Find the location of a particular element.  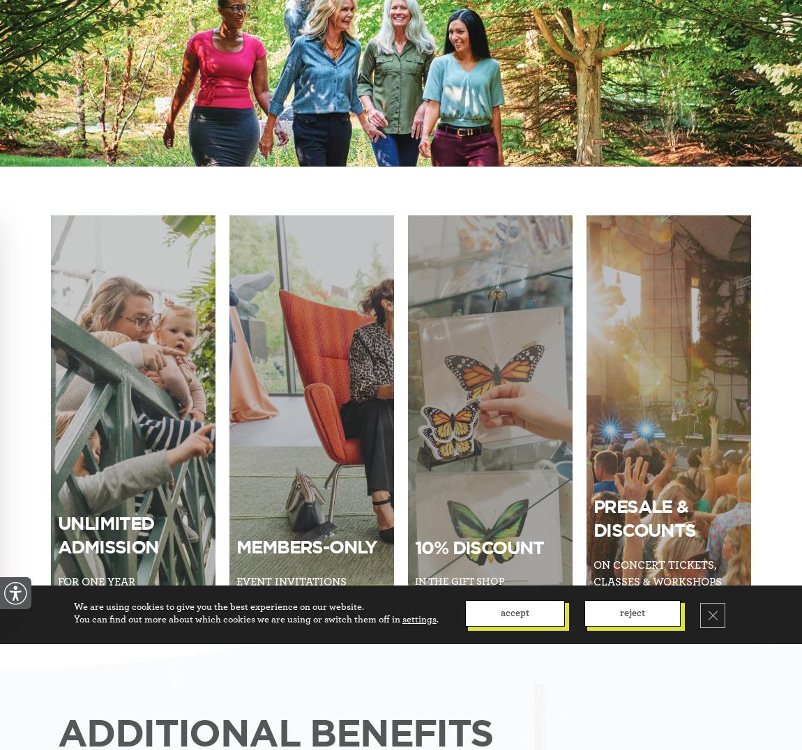

'Members-Only' is located at coordinates (236, 546).